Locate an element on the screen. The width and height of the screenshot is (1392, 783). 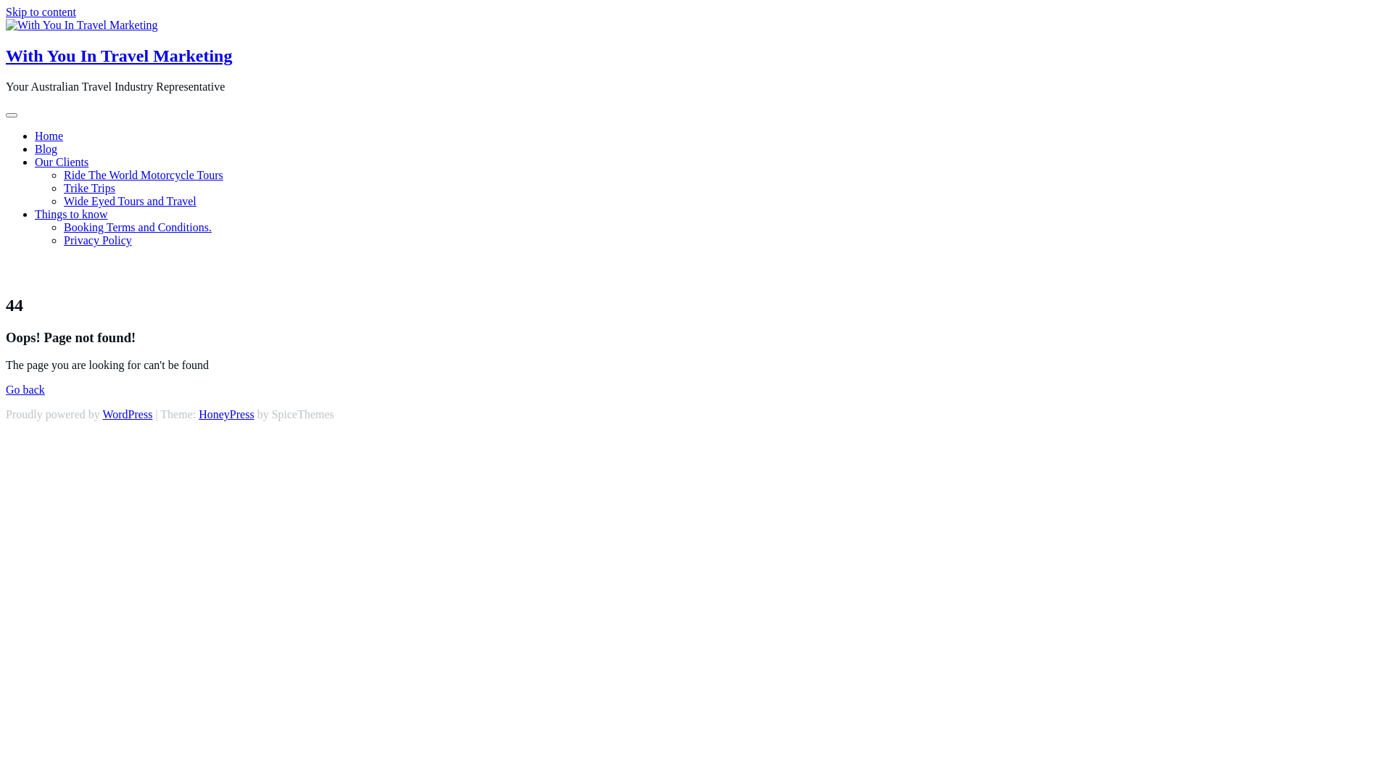
'Ride The World Motorcycle Tours' is located at coordinates (62, 174).